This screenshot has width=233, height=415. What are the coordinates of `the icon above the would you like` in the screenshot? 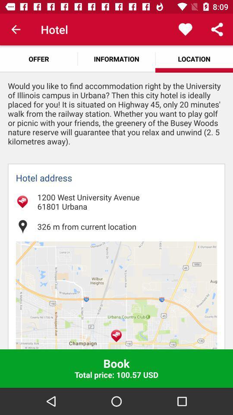 It's located at (38, 58).